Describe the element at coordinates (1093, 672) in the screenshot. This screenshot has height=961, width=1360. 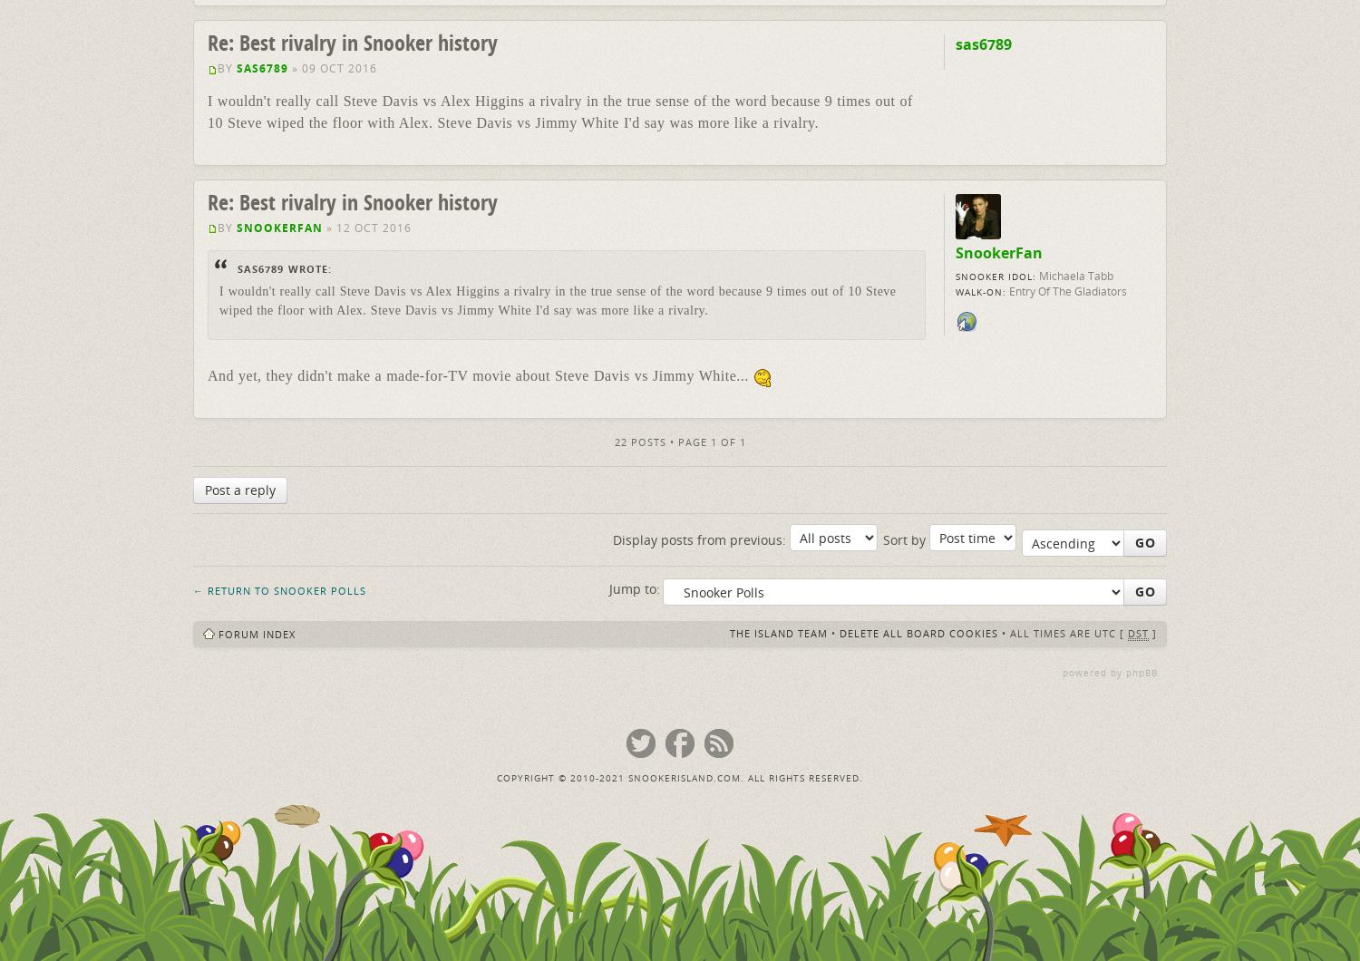
I see `'powered by'` at that location.